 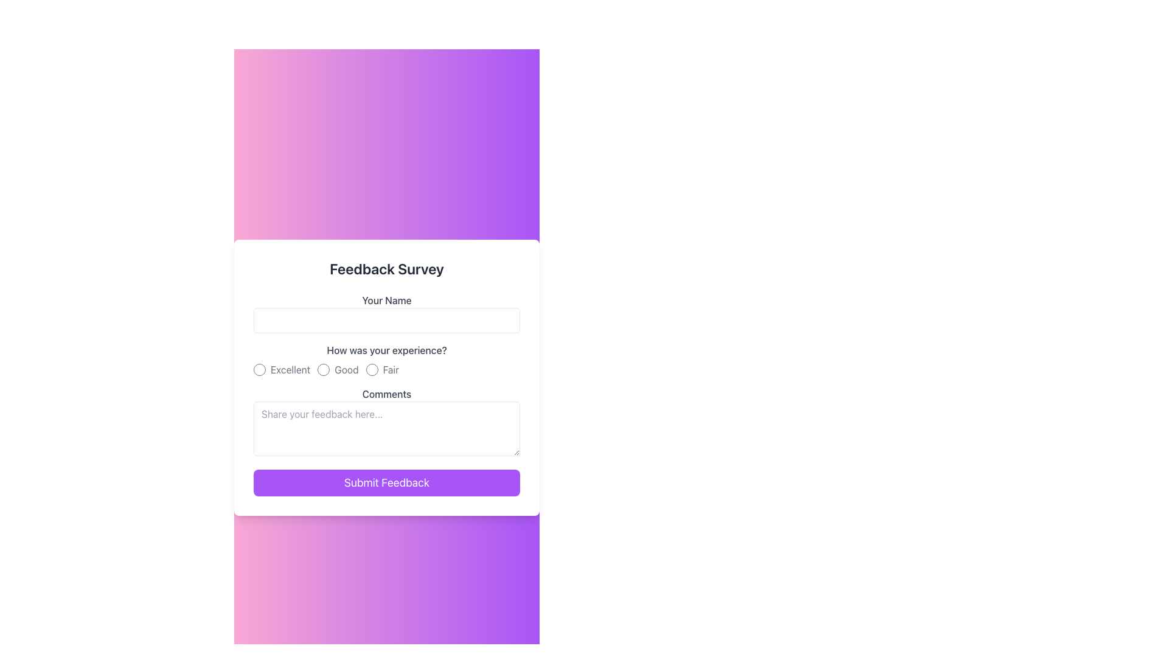 I want to click on the radio button, so click(x=281, y=369).